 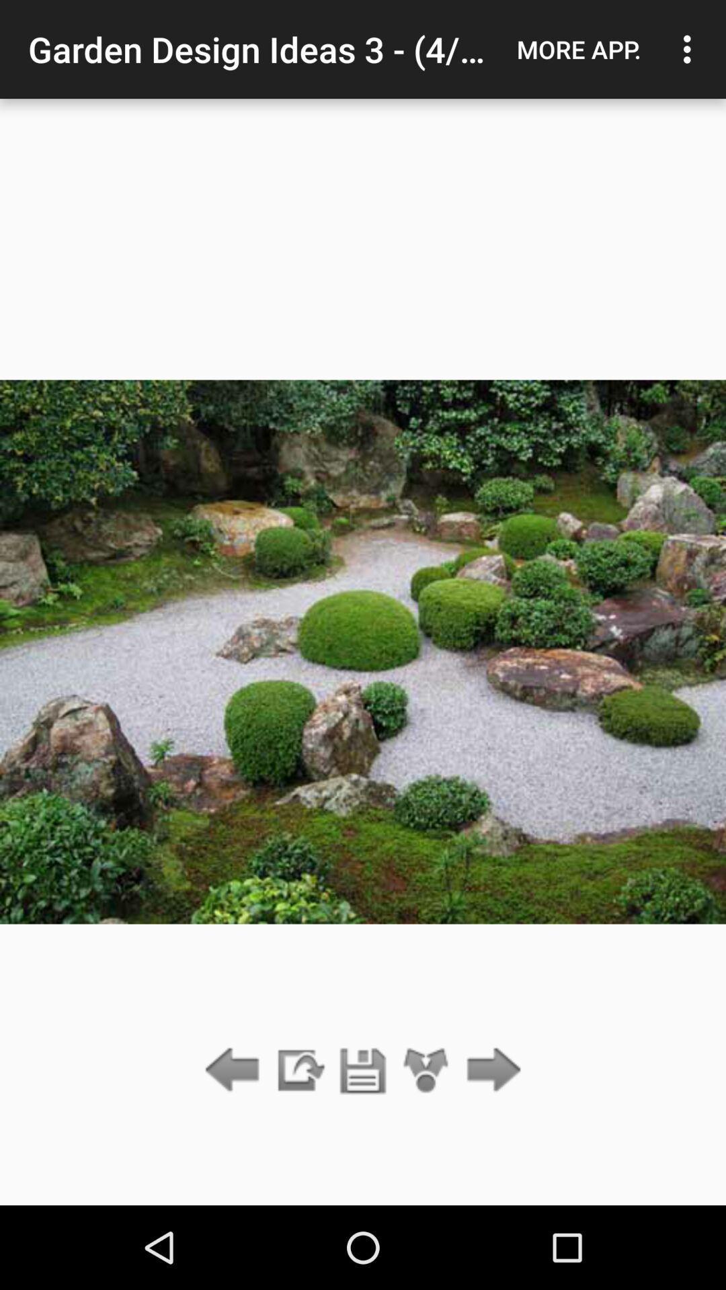 What do you see at coordinates (426, 1070) in the screenshot?
I see `the share icon` at bounding box center [426, 1070].